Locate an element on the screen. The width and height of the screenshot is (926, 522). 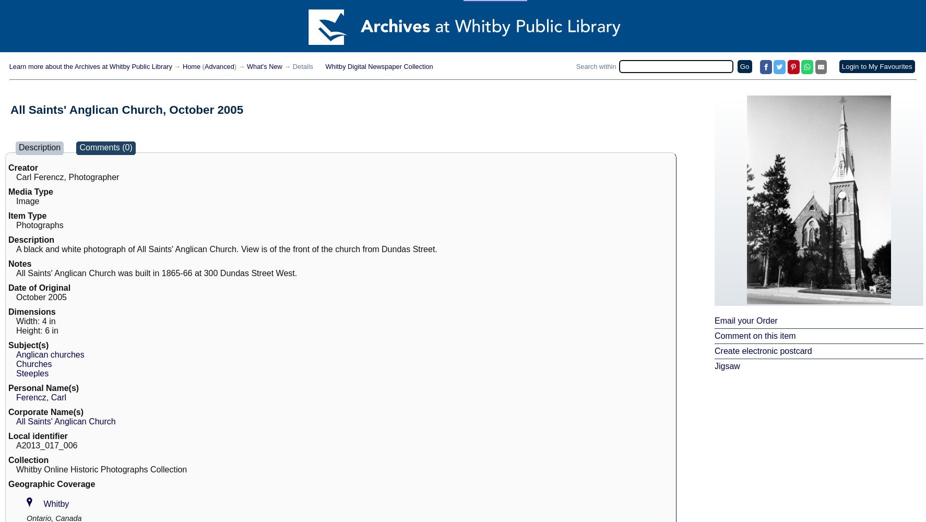
'Date of Original' is located at coordinates (39, 288).